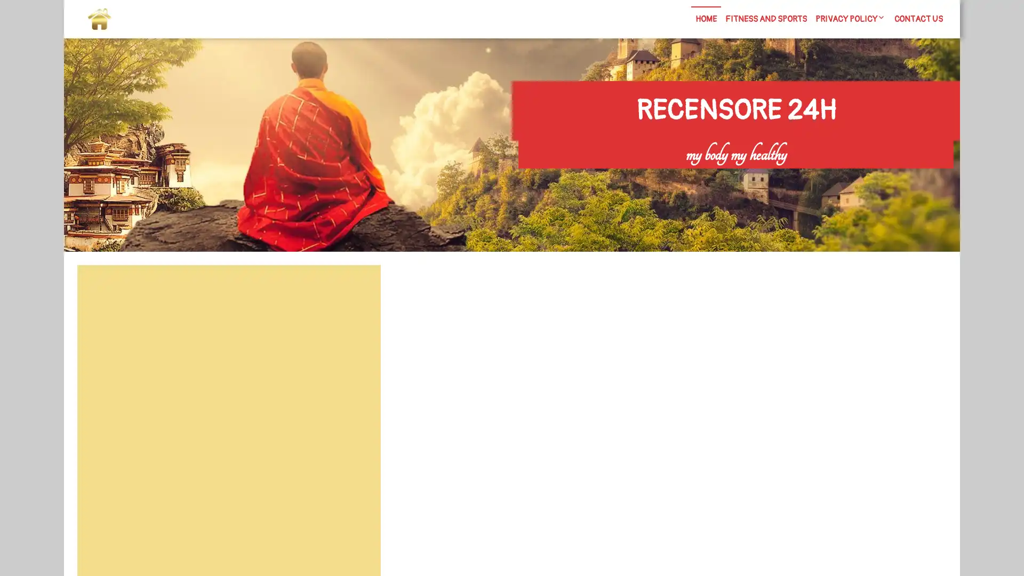  Describe the element at coordinates (830, 174) in the screenshot. I see `Search` at that location.